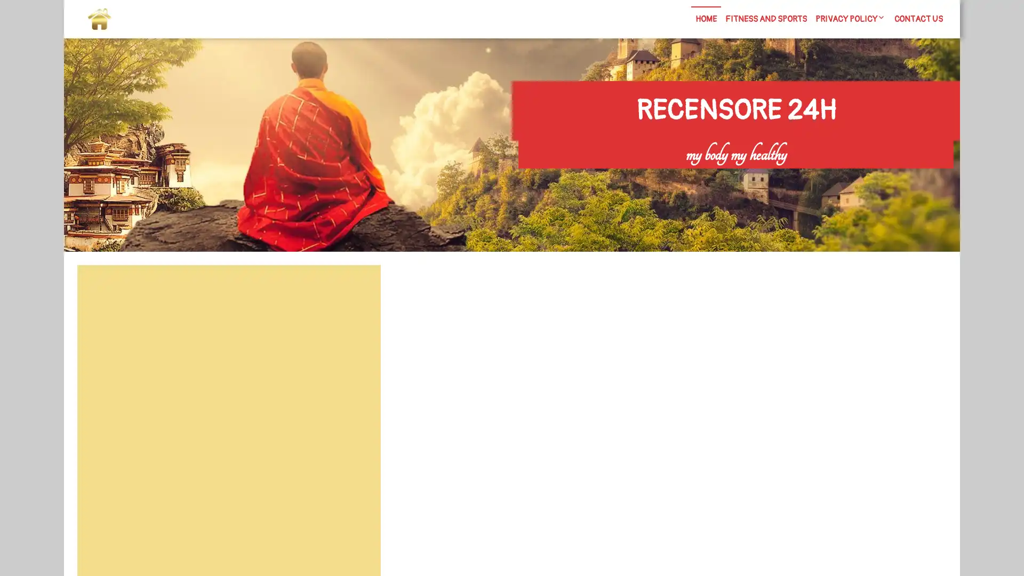  Describe the element at coordinates (830, 174) in the screenshot. I see `Search` at that location.